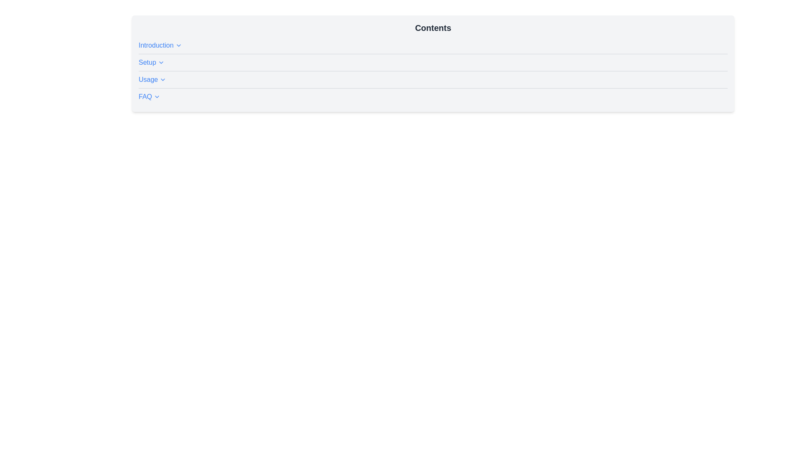  Describe the element at coordinates (433, 62) in the screenshot. I see `the 'Setup' hyperlink` at that location.